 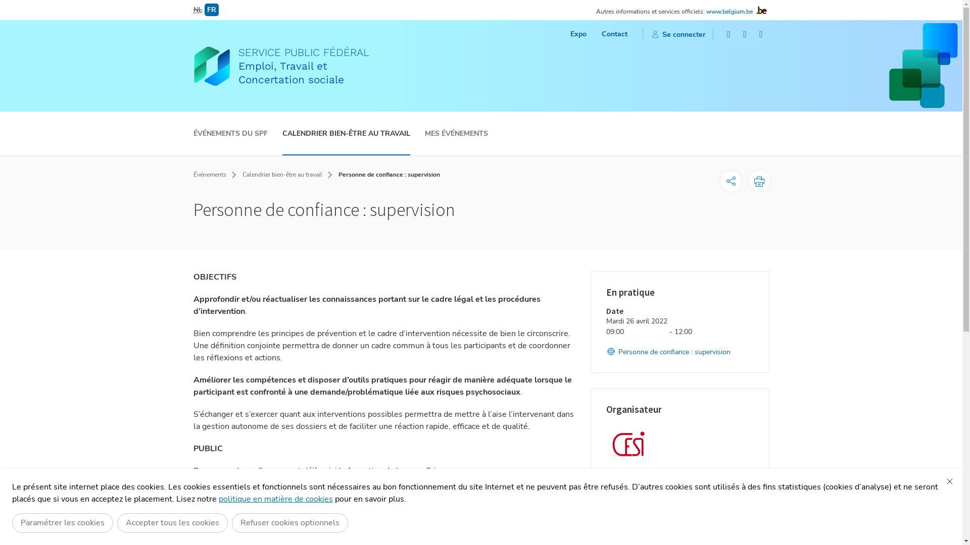 I want to click on 'Personne de confiance : supervision', so click(x=606, y=351).